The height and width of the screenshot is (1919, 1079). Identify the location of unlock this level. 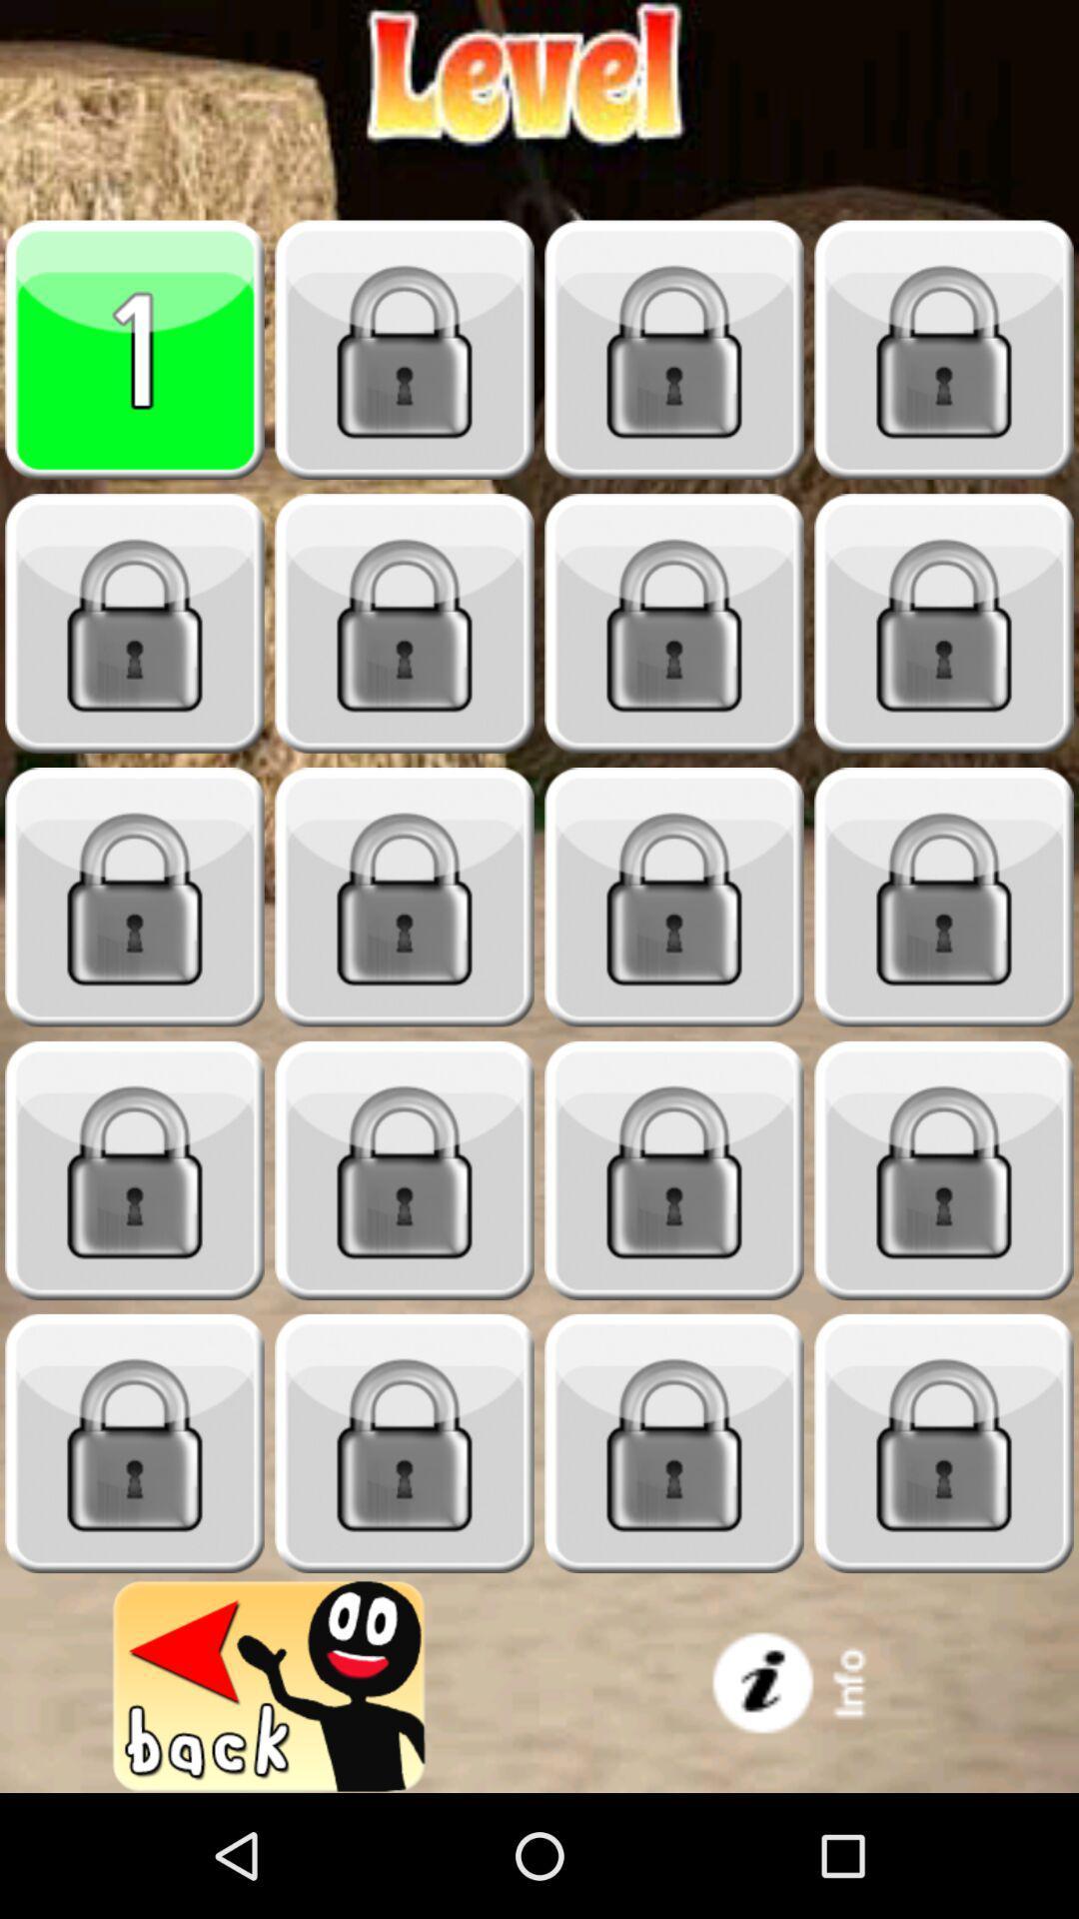
(944, 350).